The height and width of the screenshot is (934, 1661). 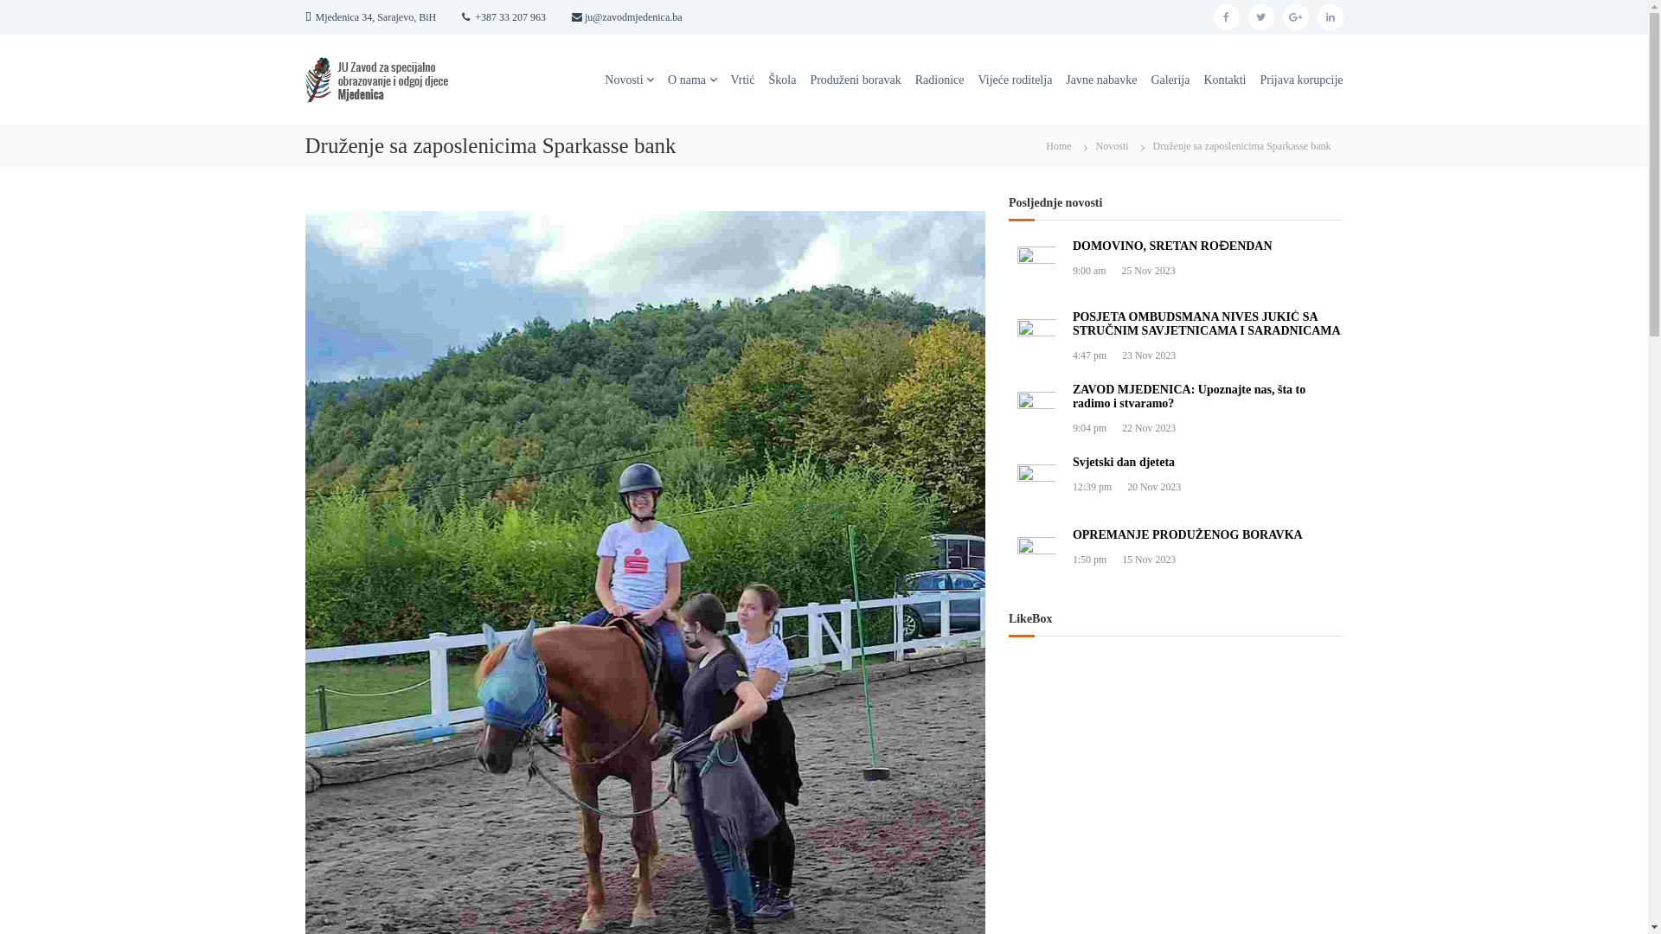 What do you see at coordinates (1260, 16) in the screenshot?
I see `'twitter'` at bounding box center [1260, 16].